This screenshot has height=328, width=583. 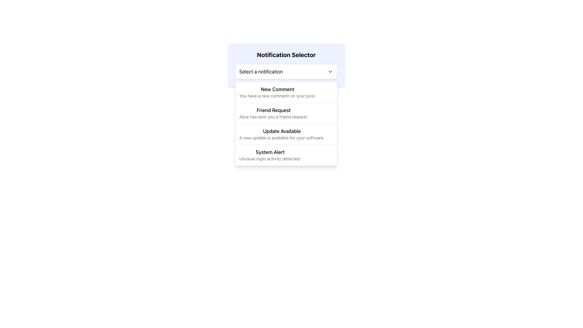 I want to click on the notification item titled 'Friend Request' that indicates 'Alice has sent you a friend request.', so click(x=286, y=113).